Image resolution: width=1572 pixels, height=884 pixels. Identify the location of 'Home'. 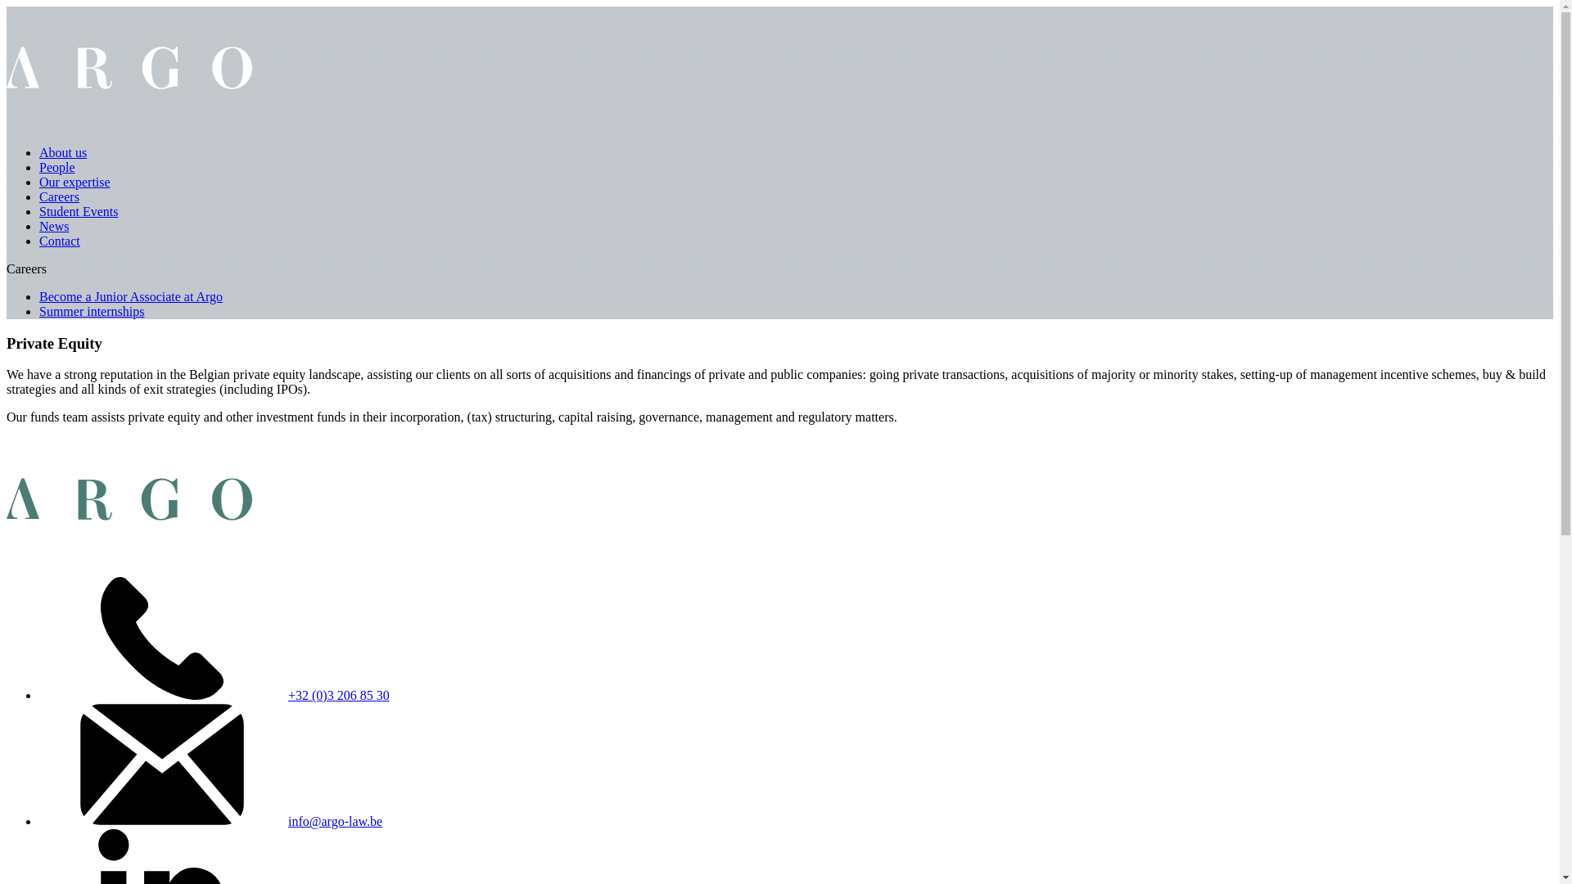
(129, 555).